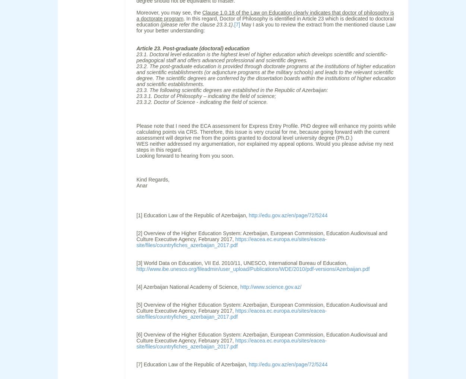 This screenshot has width=466, height=379. Describe the element at coordinates (265, 15) in the screenshot. I see `'Clause 1.0.18 of the Law on Education clearly indicates that doctor of philosophy is a doctorate program'` at that location.